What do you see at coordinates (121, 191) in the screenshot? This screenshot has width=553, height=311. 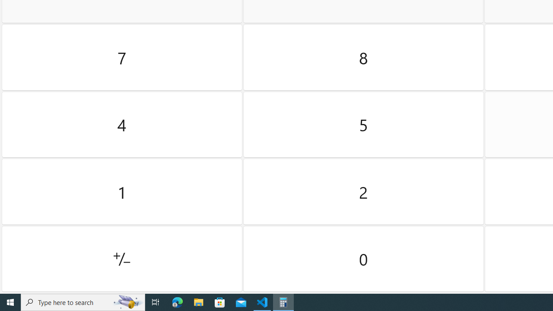 I see `'One'` at bounding box center [121, 191].